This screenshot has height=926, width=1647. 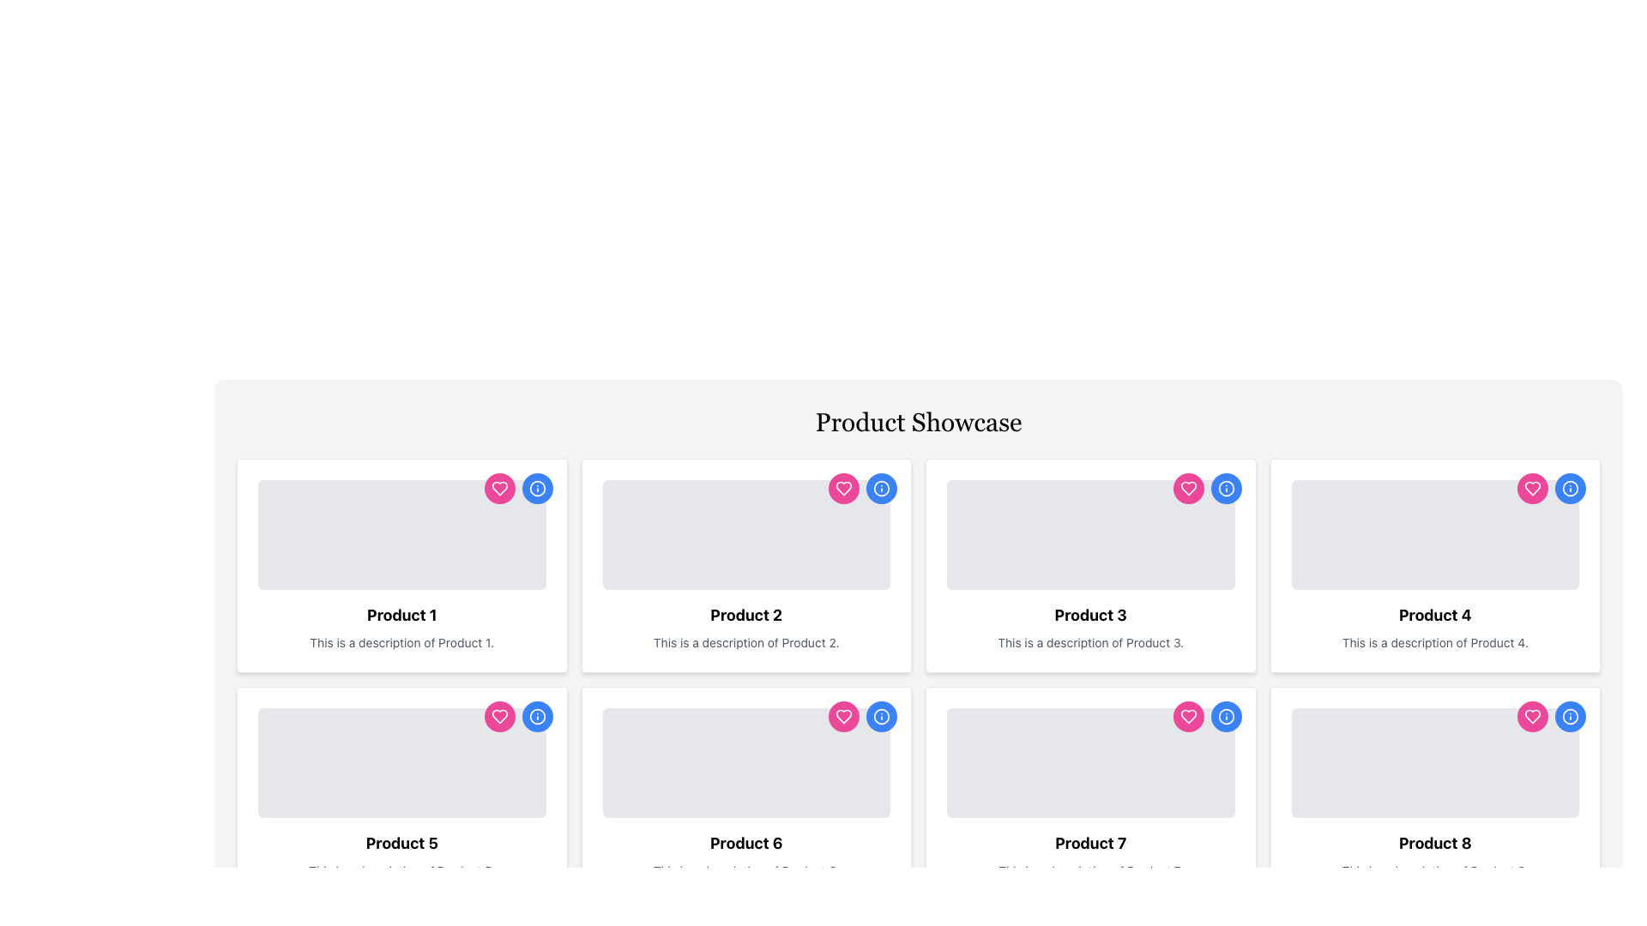 What do you see at coordinates (881, 489) in the screenshot?
I see `the circular blue button with an information icon located at the top-right corner of the 'Product 2' card` at bounding box center [881, 489].